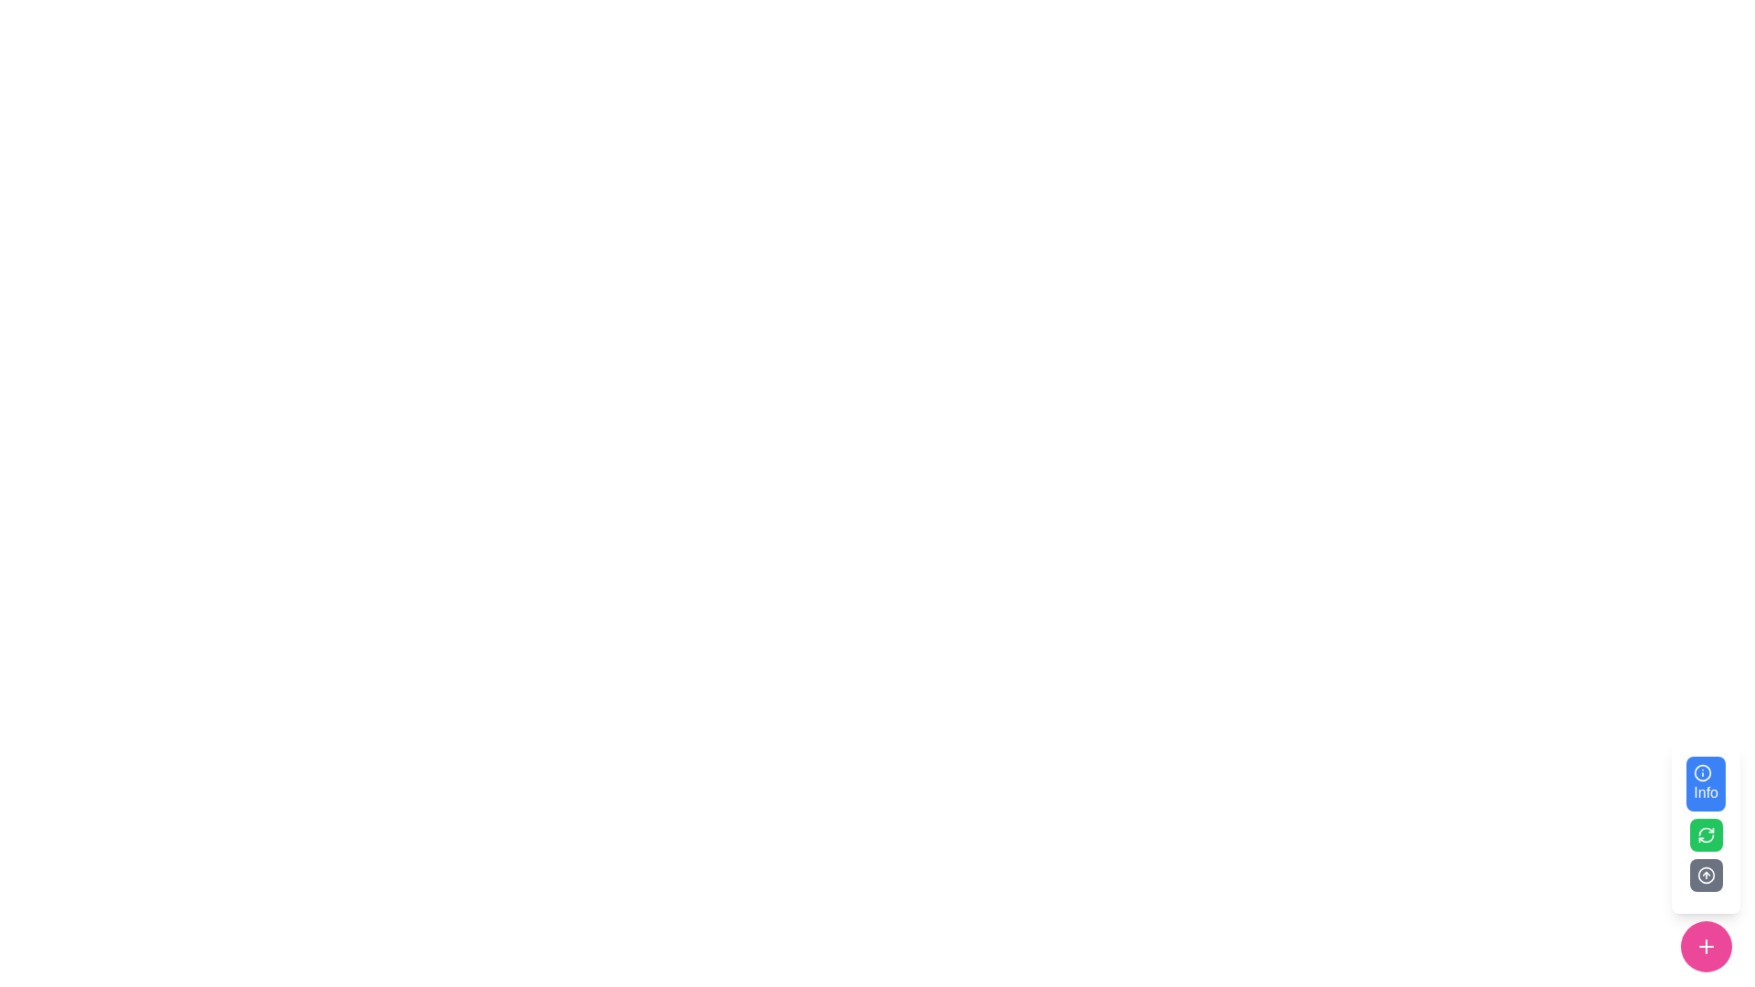  Describe the element at coordinates (1705, 835) in the screenshot. I see `the circular green refresh icon located within a green button in the floating action menu` at that location.